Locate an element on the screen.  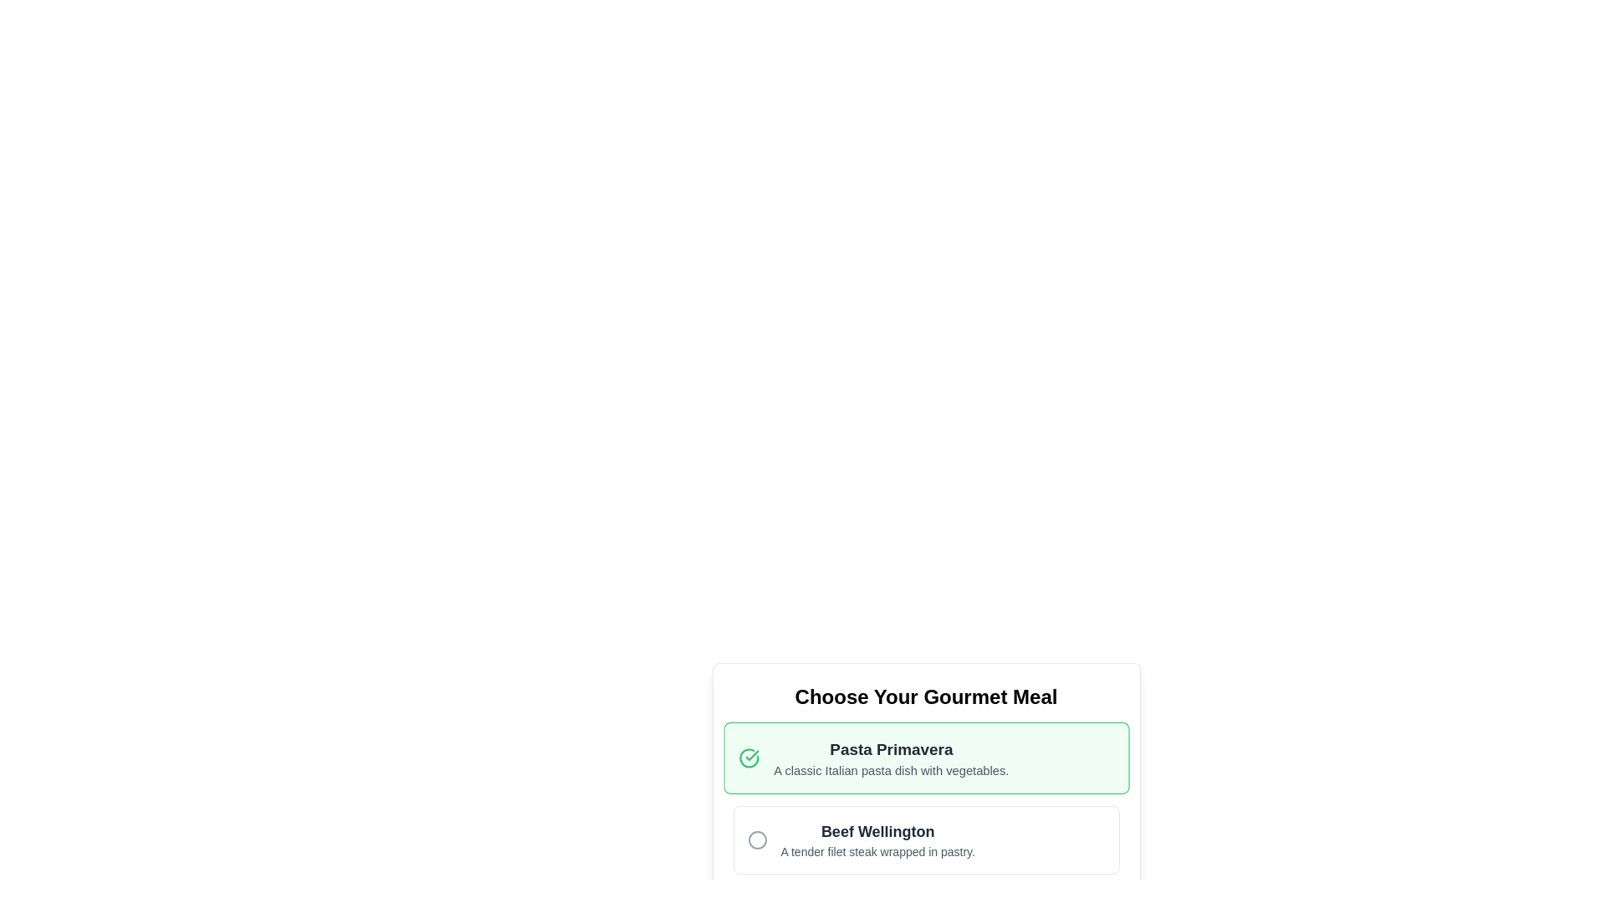
description of the selectable list item titled 'Pasta Primavera', which is the first item in the list of meal options is located at coordinates (925, 758).